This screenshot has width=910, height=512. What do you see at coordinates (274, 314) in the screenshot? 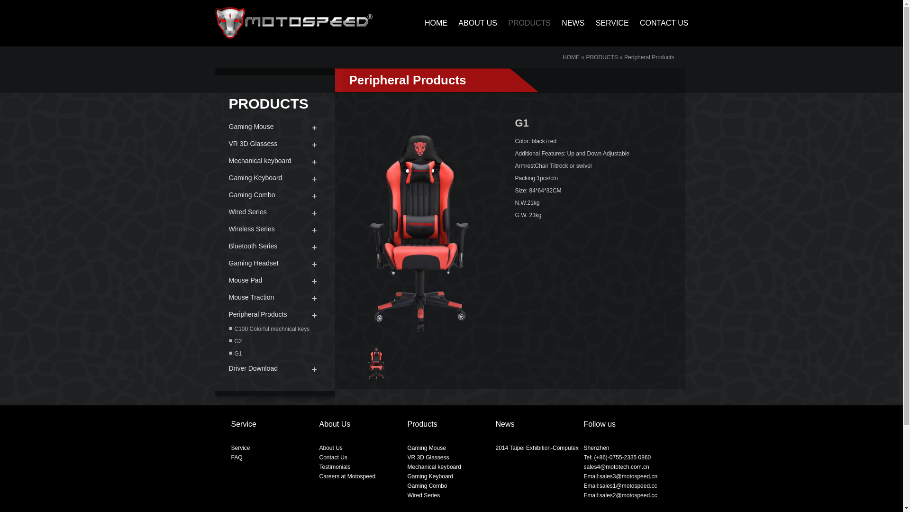
I see `'Peripheral Products'` at bounding box center [274, 314].